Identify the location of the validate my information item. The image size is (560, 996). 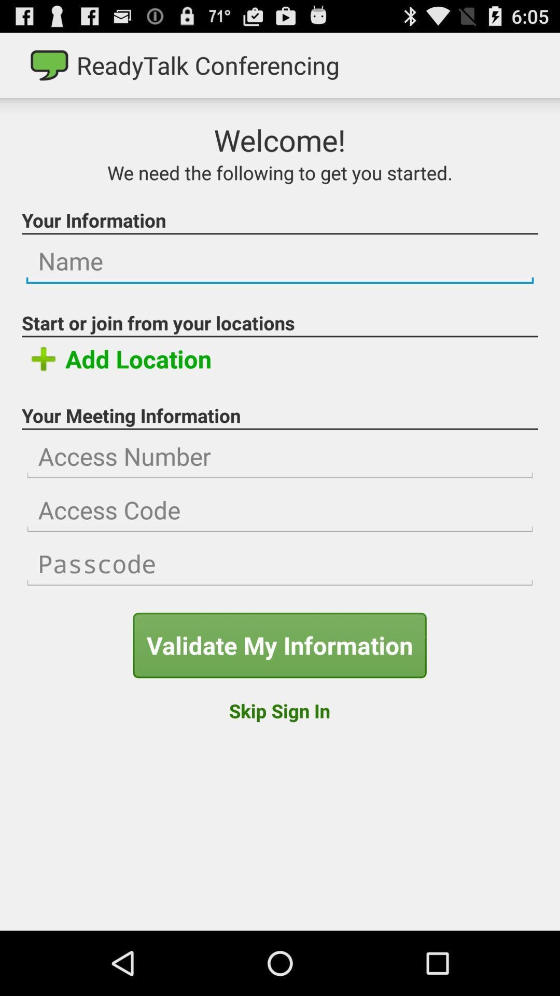
(279, 645).